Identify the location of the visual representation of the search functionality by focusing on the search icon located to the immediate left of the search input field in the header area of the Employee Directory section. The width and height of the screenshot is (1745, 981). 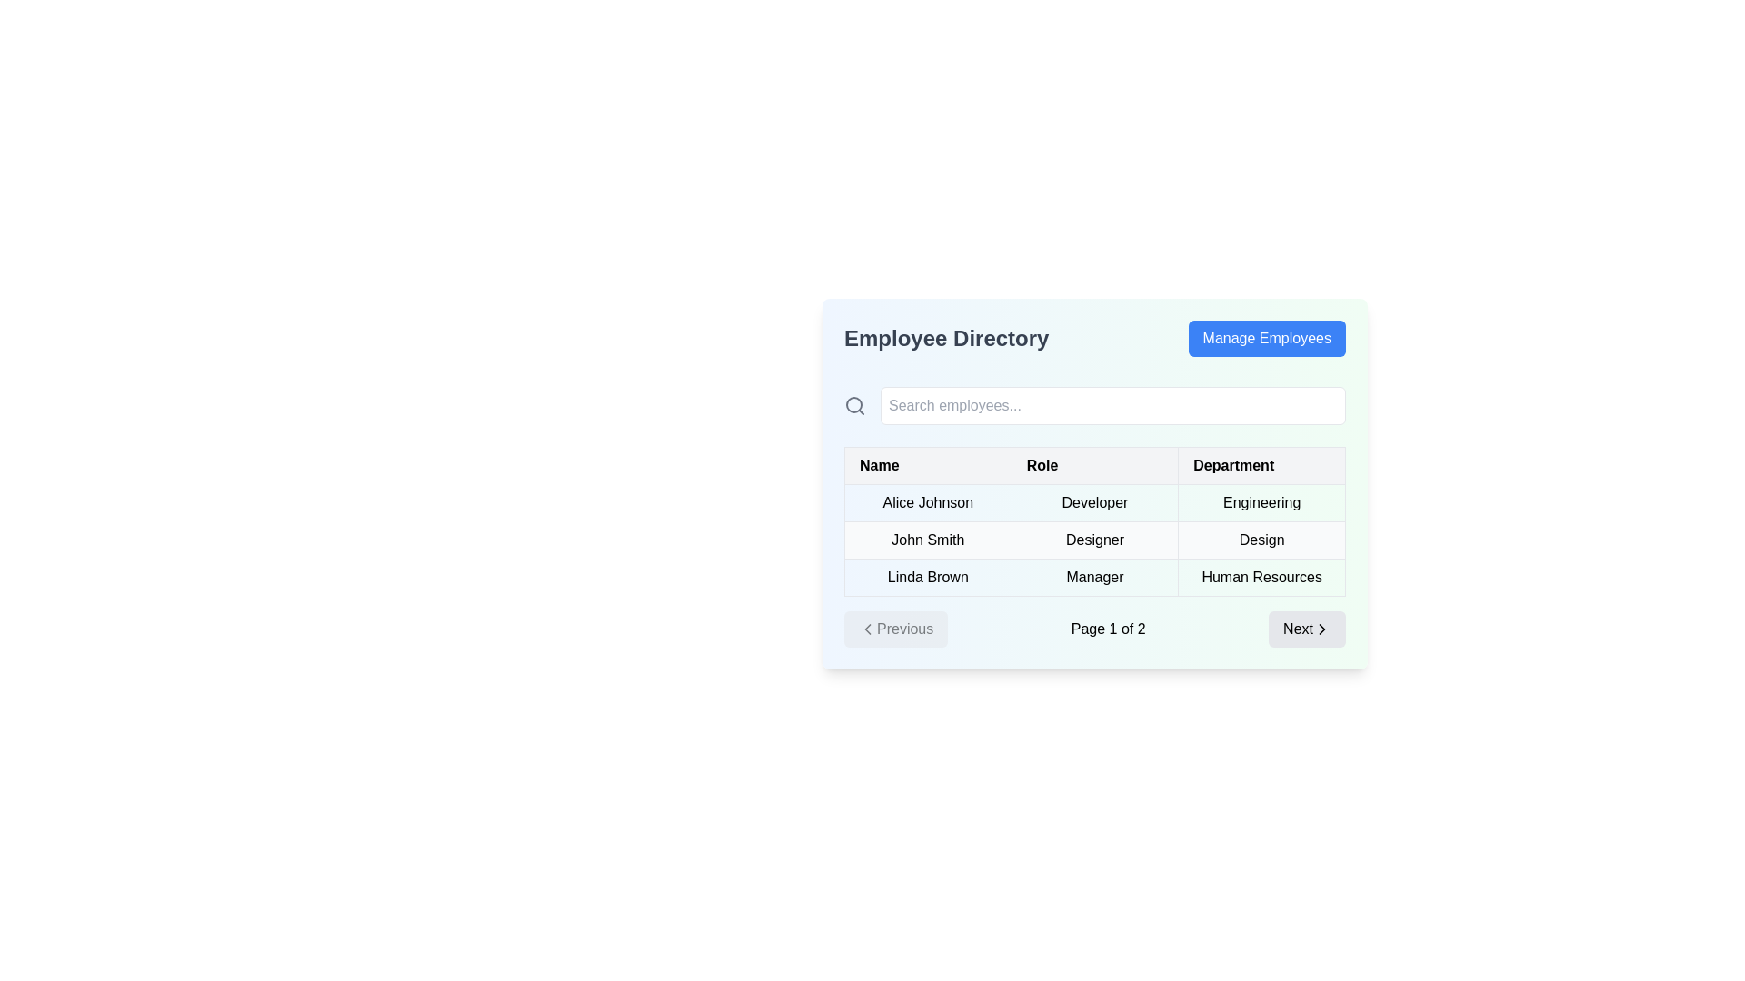
(853, 405).